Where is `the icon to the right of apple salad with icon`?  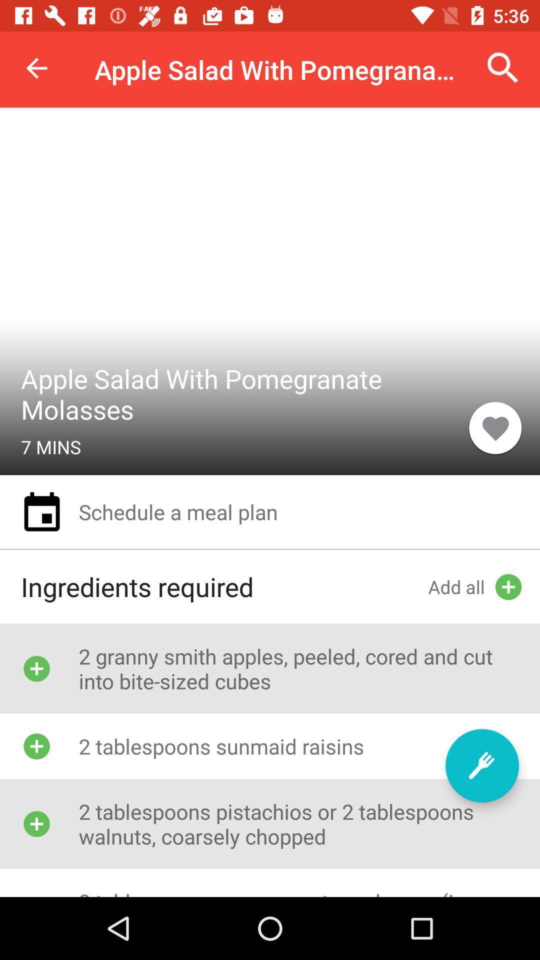
the icon to the right of apple salad with icon is located at coordinates (503, 67).